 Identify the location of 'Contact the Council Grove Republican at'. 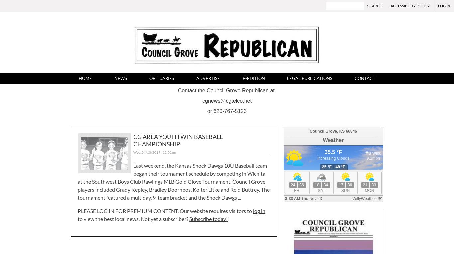
(226, 90).